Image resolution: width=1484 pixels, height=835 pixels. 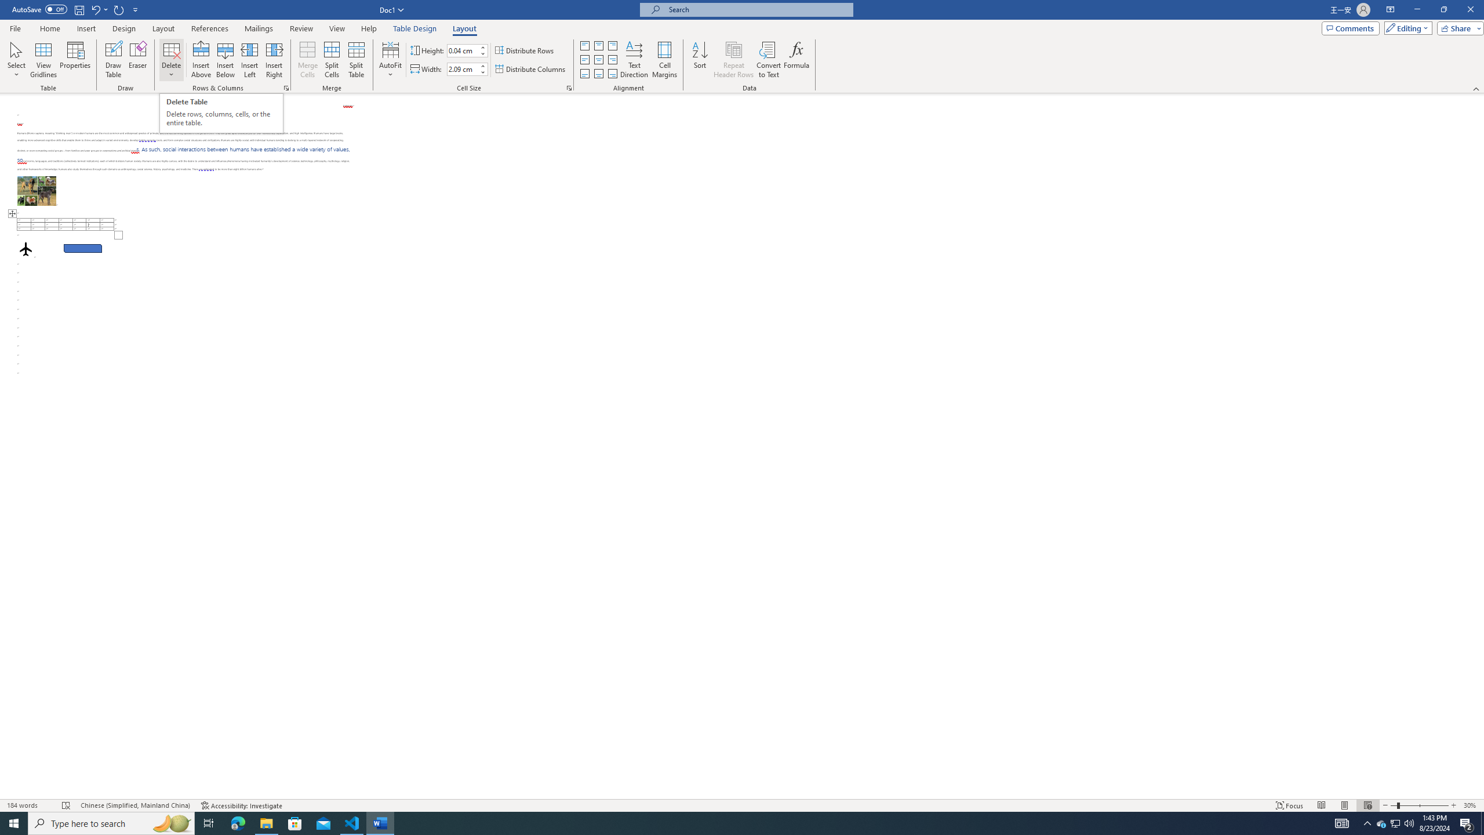 What do you see at coordinates (99, 9) in the screenshot?
I see `'Undo Row Height Spinner'` at bounding box center [99, 9].